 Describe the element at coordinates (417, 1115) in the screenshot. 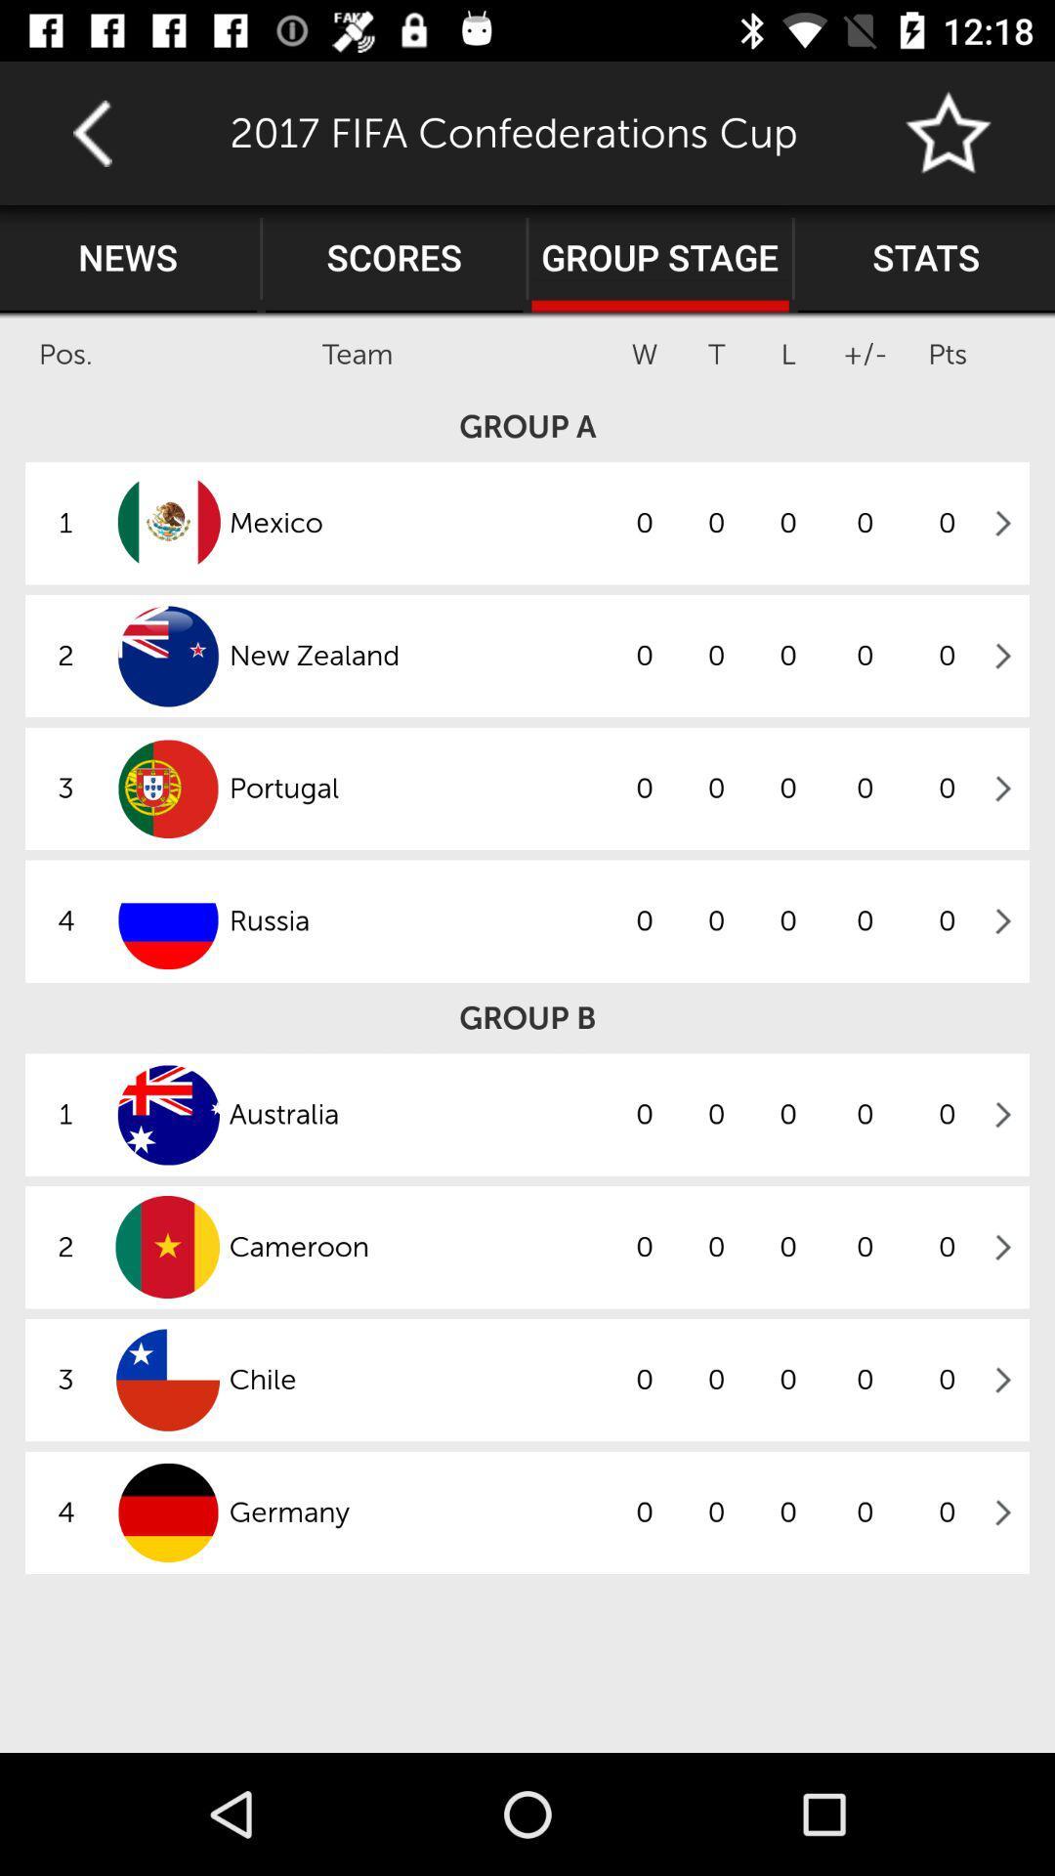

I see `item to the left of 0 icon` at that location.